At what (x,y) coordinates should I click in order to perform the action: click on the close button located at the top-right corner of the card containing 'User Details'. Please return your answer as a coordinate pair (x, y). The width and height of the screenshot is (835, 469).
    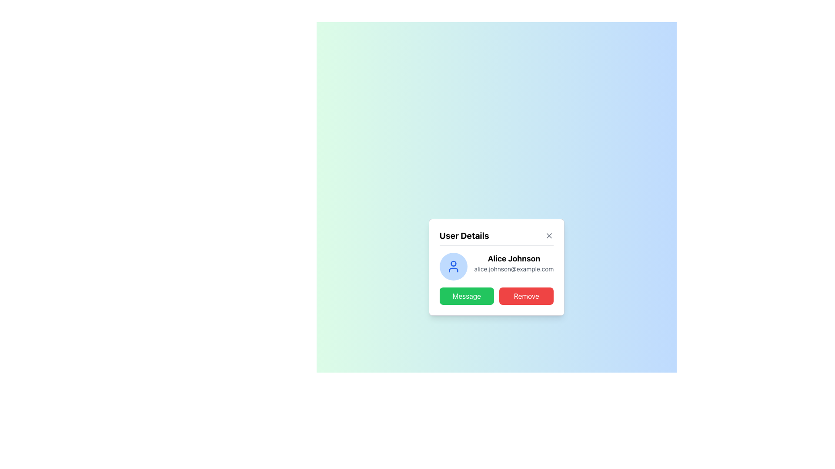
    Looking at the image, I should click on (549, 235).